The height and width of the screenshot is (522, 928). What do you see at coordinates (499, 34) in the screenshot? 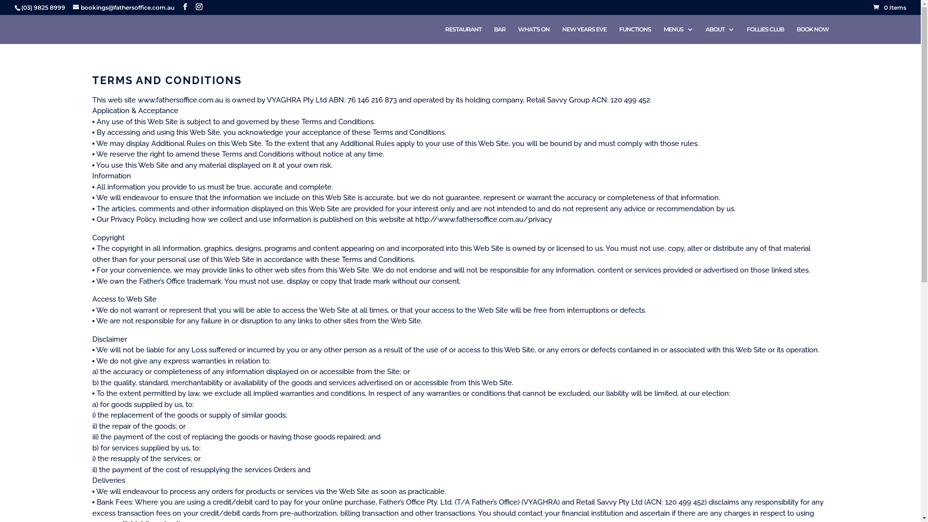
I see `'BAR'` at bounding box center [499, 34].